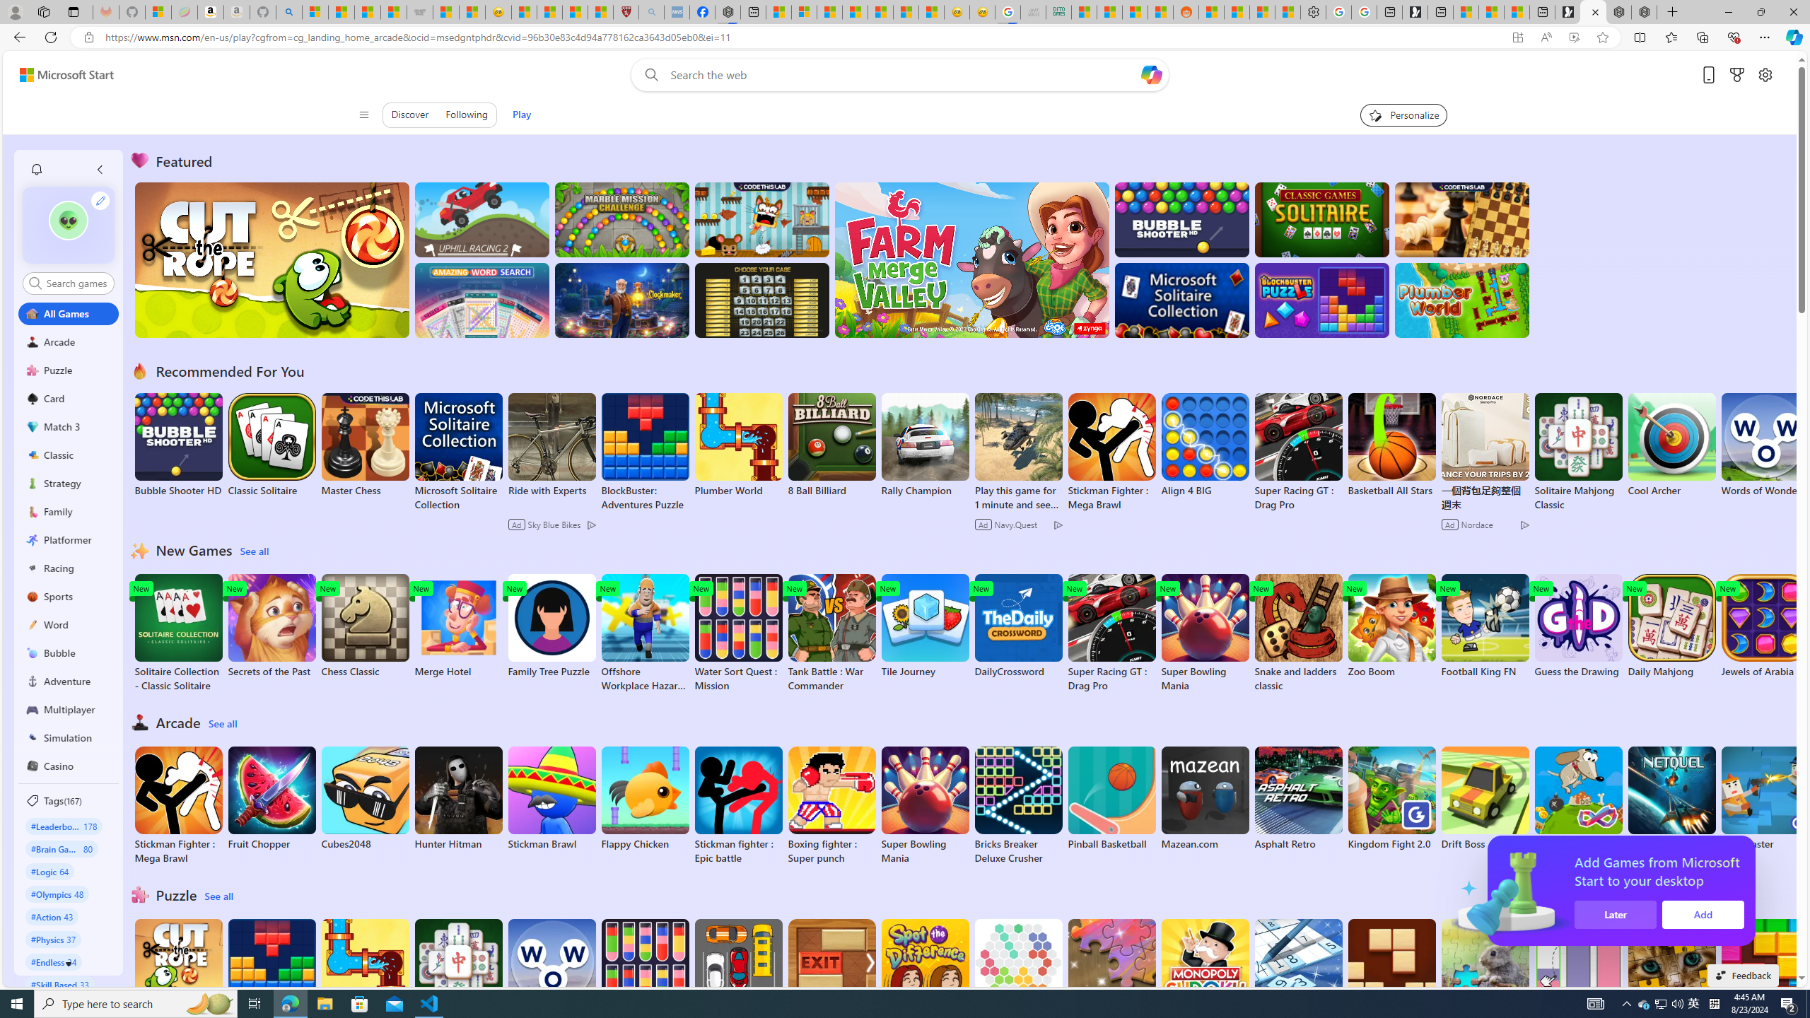  What do you see at coordinates (621, 300) in the screenshot?
I see `'Clockmaker'` at bounding box center [621, 300].